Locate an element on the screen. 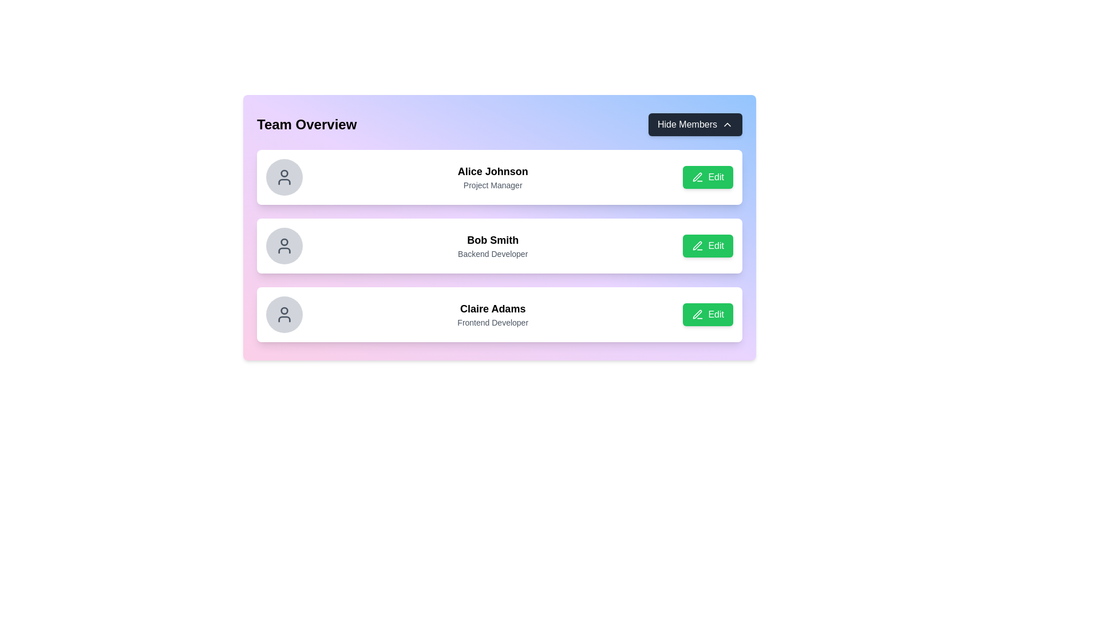 The width and height of the screenshot is (1099, 618). the user profile icon for 'Bob Smith,' which is a minimalist graphical representation with a circular base, located to the left of the textual information is located at coordinates (284, 250).